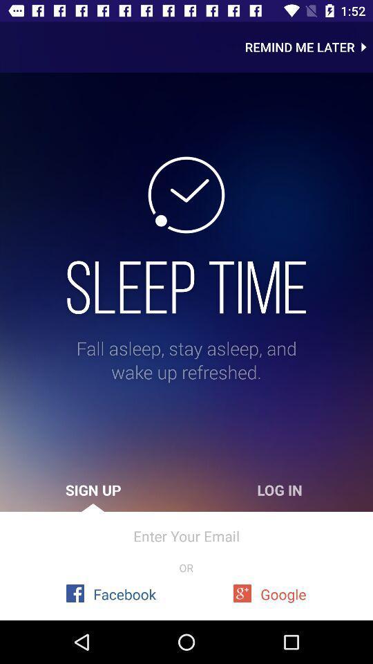 The width and height of the screenshot is (373, 664). What do you see at coordinates (186, 535) in the screenshot?
I see `icon above or icon` at bounding box center [186, 535].